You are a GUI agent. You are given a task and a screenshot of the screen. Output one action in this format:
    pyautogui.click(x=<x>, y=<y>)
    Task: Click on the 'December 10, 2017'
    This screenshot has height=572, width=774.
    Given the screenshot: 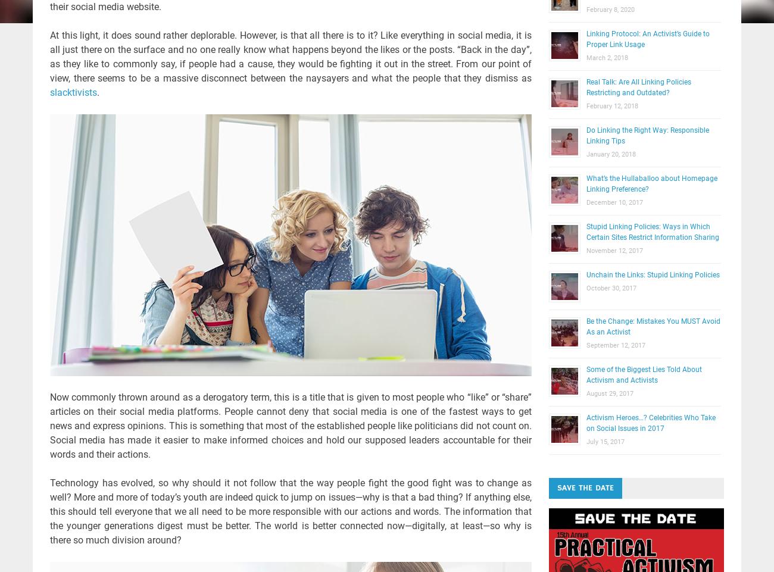 What is the action you would take?
    pyautogui.click(x=614, y=202)
    